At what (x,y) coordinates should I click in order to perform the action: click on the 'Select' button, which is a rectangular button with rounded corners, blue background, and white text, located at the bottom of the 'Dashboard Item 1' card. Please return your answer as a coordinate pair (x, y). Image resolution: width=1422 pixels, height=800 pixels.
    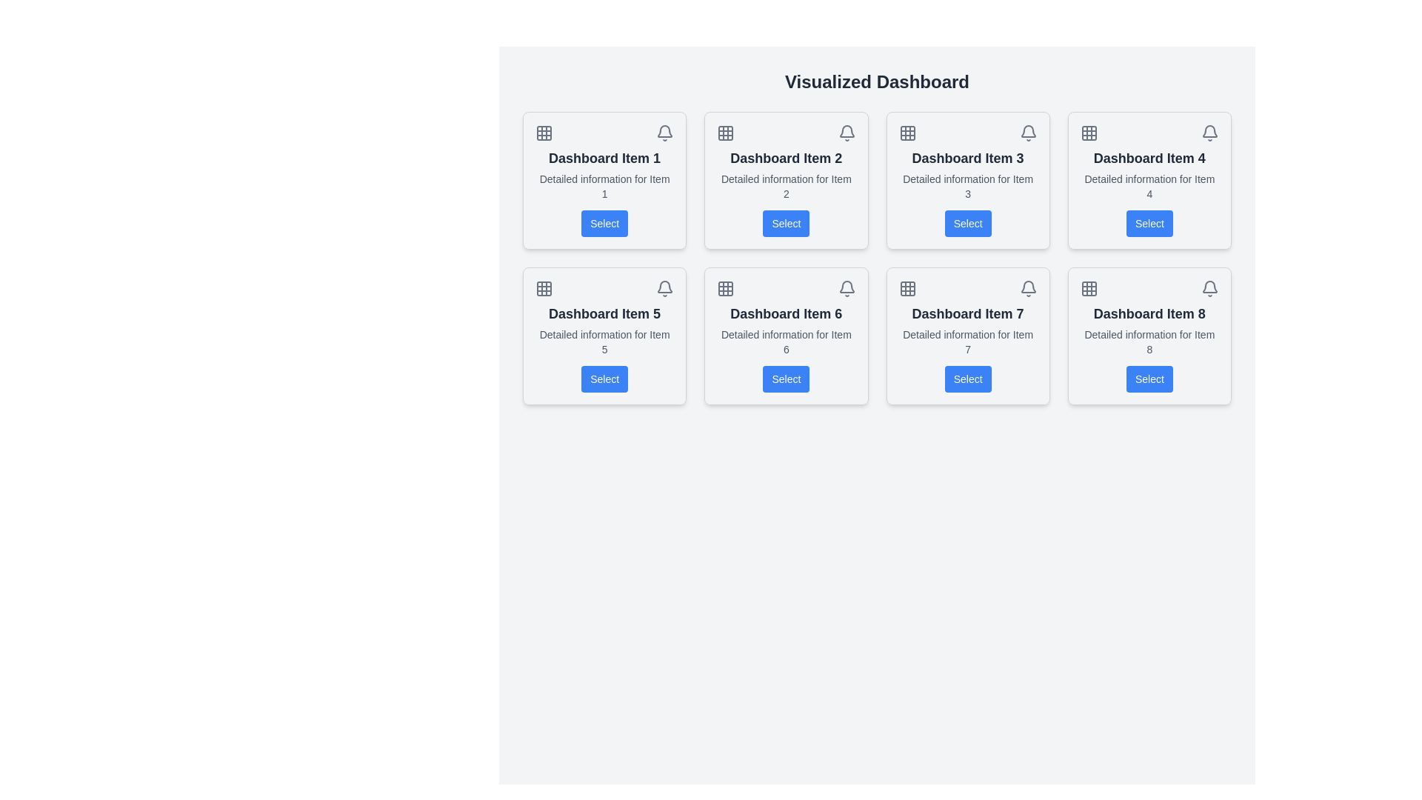
    Looking at the image, I should click on (604, 223).